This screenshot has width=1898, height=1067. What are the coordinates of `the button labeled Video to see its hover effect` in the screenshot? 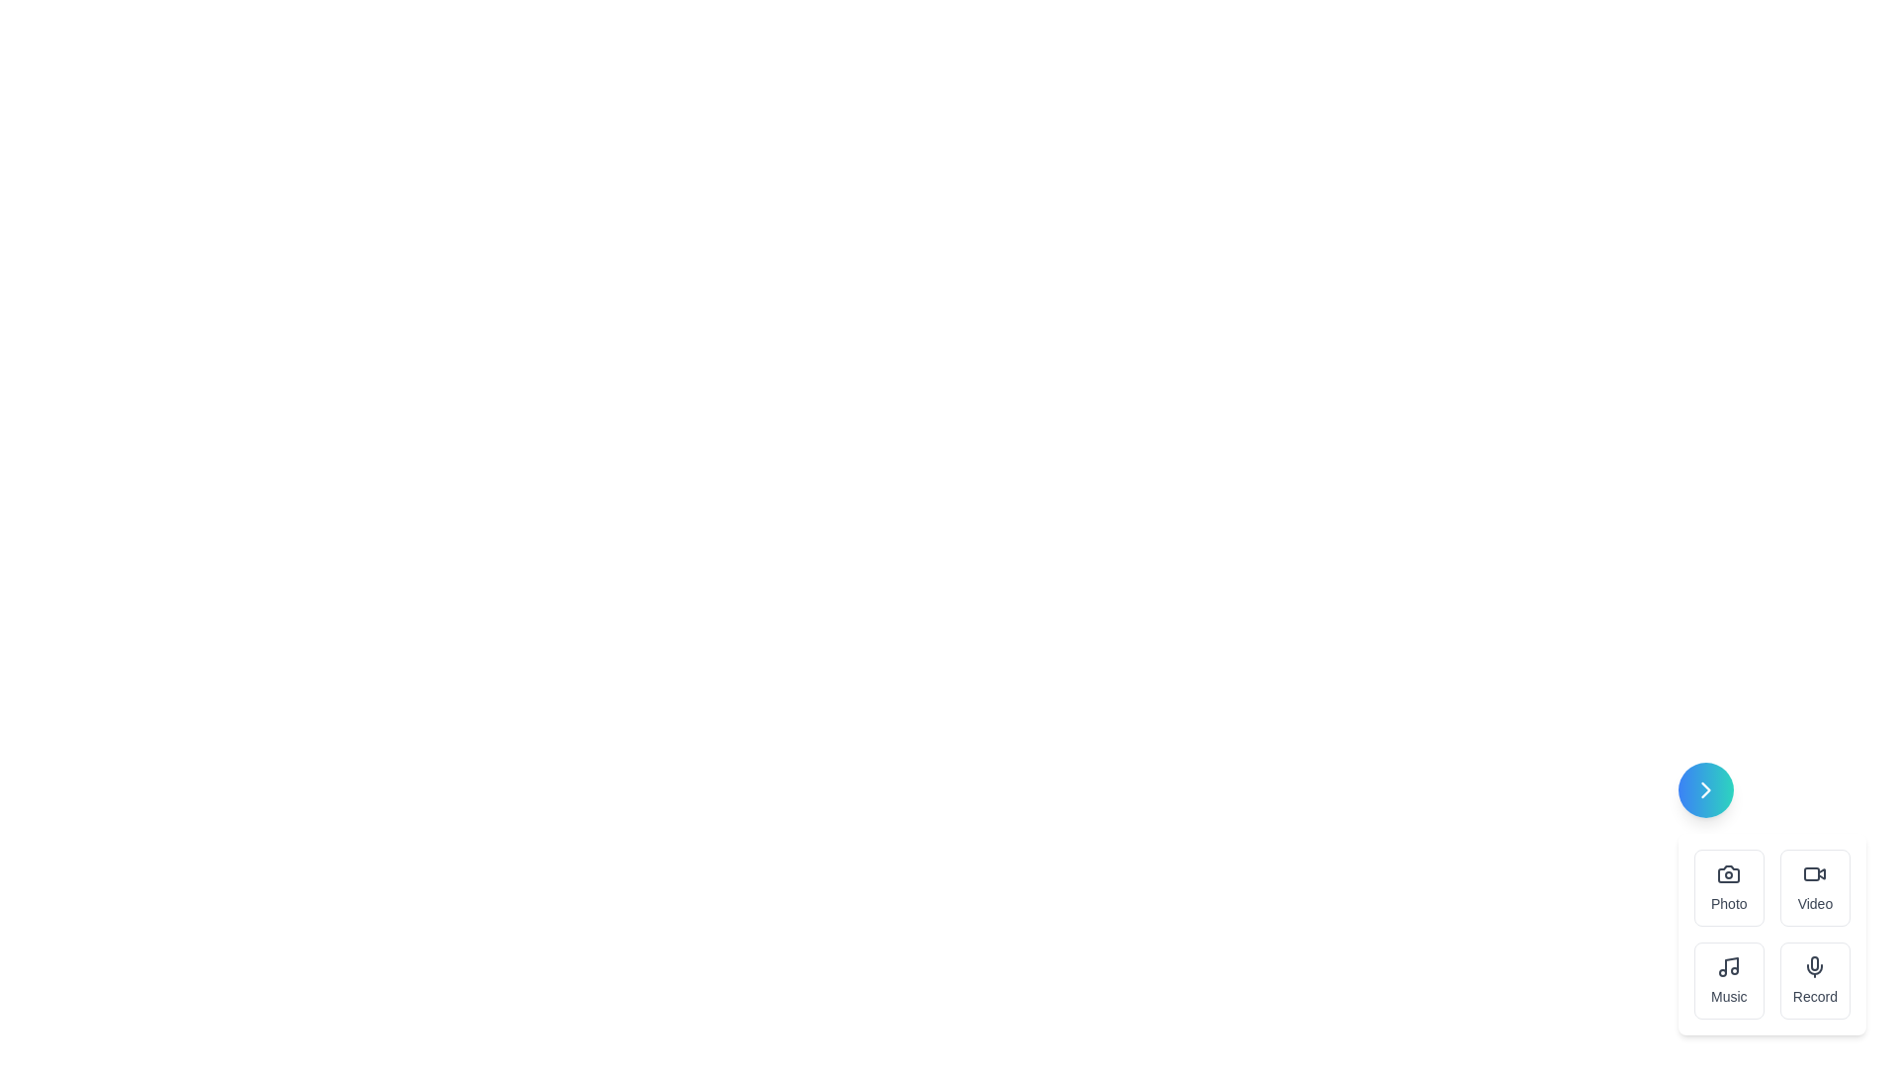 It's located at (1815, 886).